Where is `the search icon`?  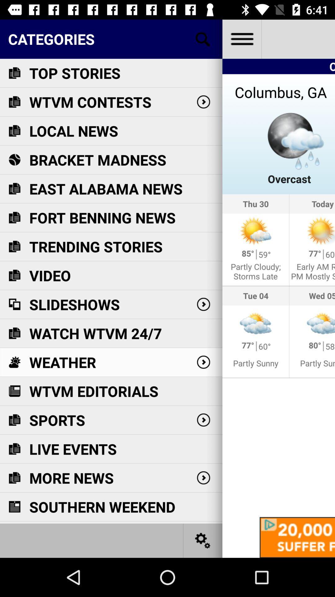
the search icon is located at coordinates (203, 39).